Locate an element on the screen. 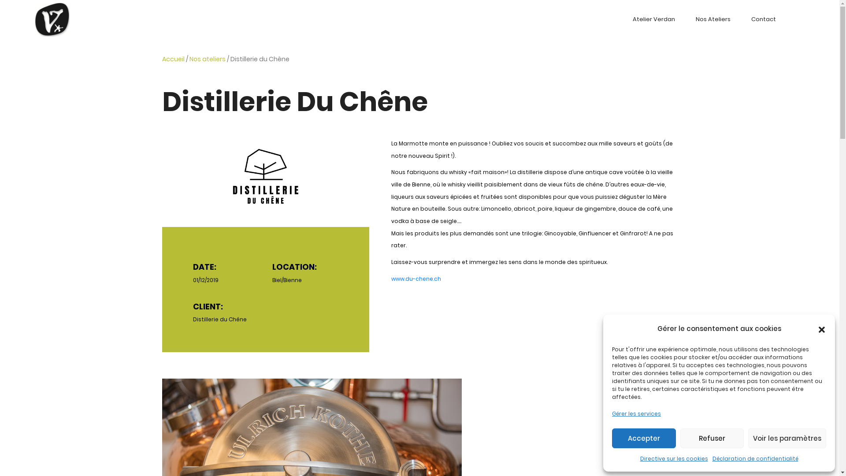 The height and width of the screenshot is (476, 846). 'Accepter' is located at coordinates (644, 438).